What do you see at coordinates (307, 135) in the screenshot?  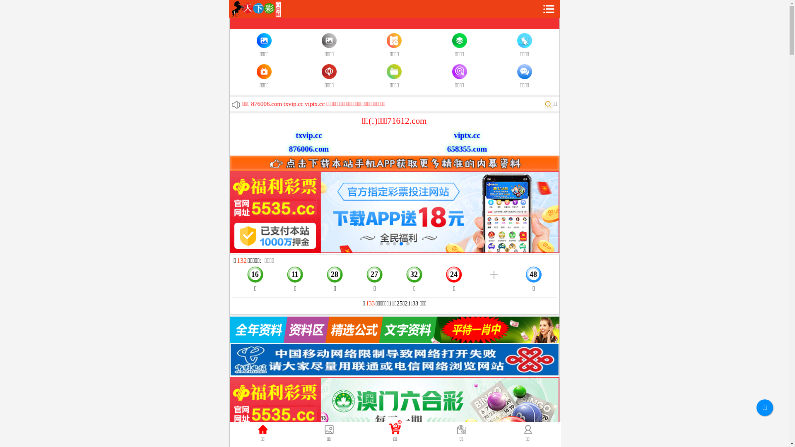 I see `'txvip.cc'` at bounding box center [307, 135].